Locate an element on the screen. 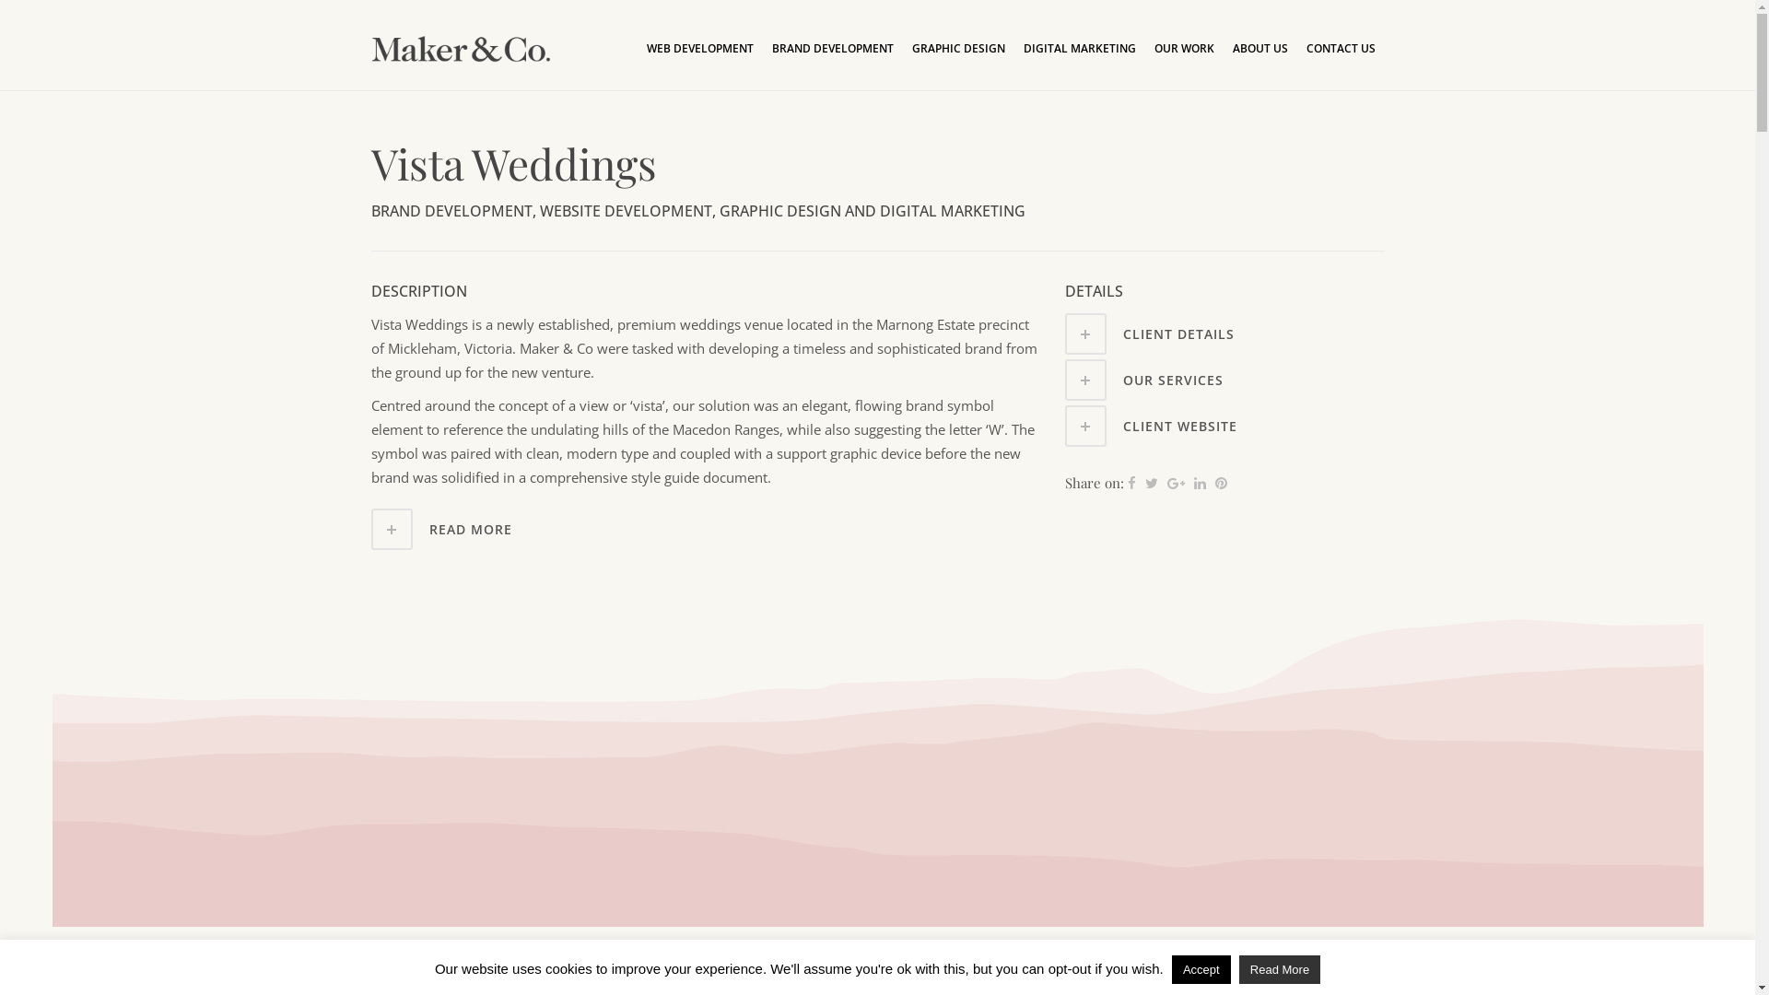  'BRAND DEVELOPMENT' is located at coordinates (831, 48).